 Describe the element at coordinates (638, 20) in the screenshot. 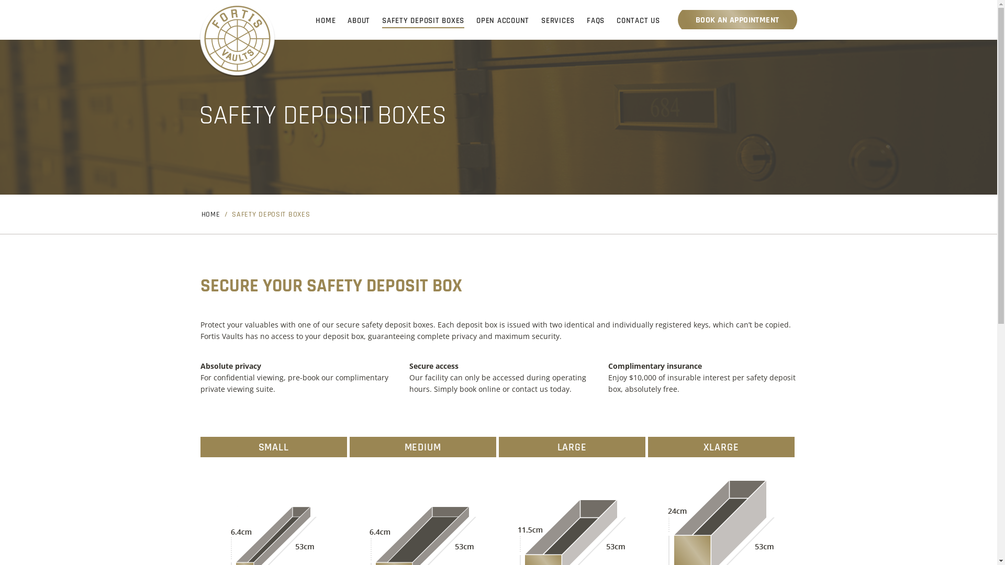

I see `'CONTACT US'` at that location.